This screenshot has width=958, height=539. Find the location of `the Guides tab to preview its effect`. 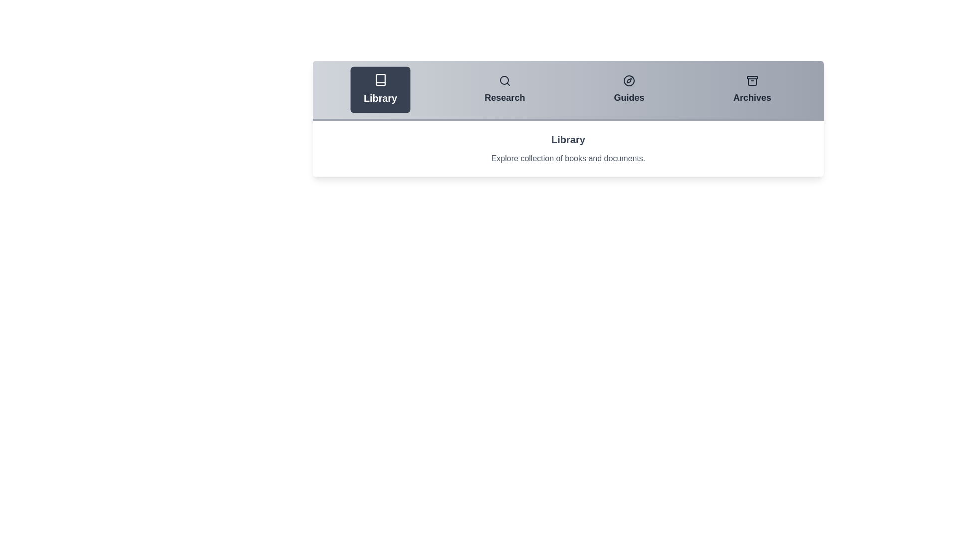

the Guides tab to preview its effect is located at coordinates (629, 90).